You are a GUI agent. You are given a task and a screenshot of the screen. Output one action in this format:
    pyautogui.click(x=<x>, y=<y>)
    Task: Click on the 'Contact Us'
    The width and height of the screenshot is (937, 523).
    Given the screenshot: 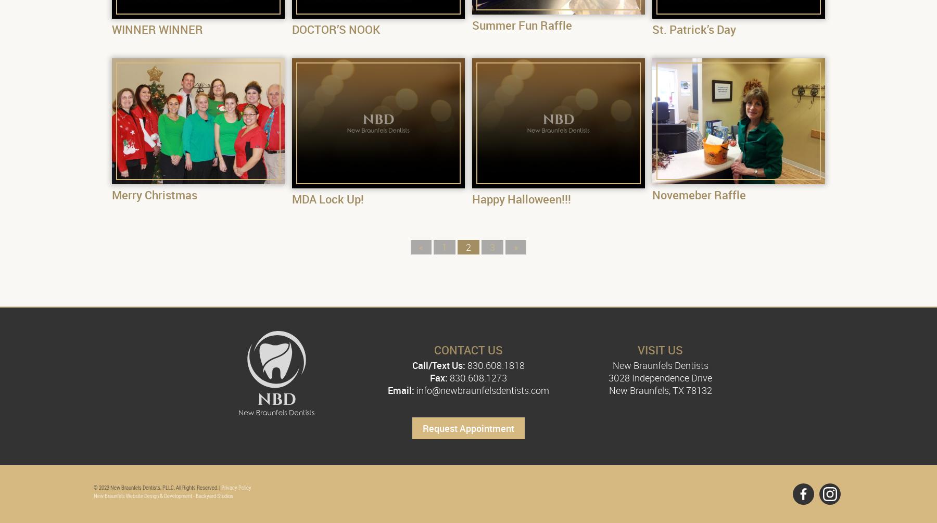 What is the action you would take?
    pyautogui.click(x=467, y=350)
    